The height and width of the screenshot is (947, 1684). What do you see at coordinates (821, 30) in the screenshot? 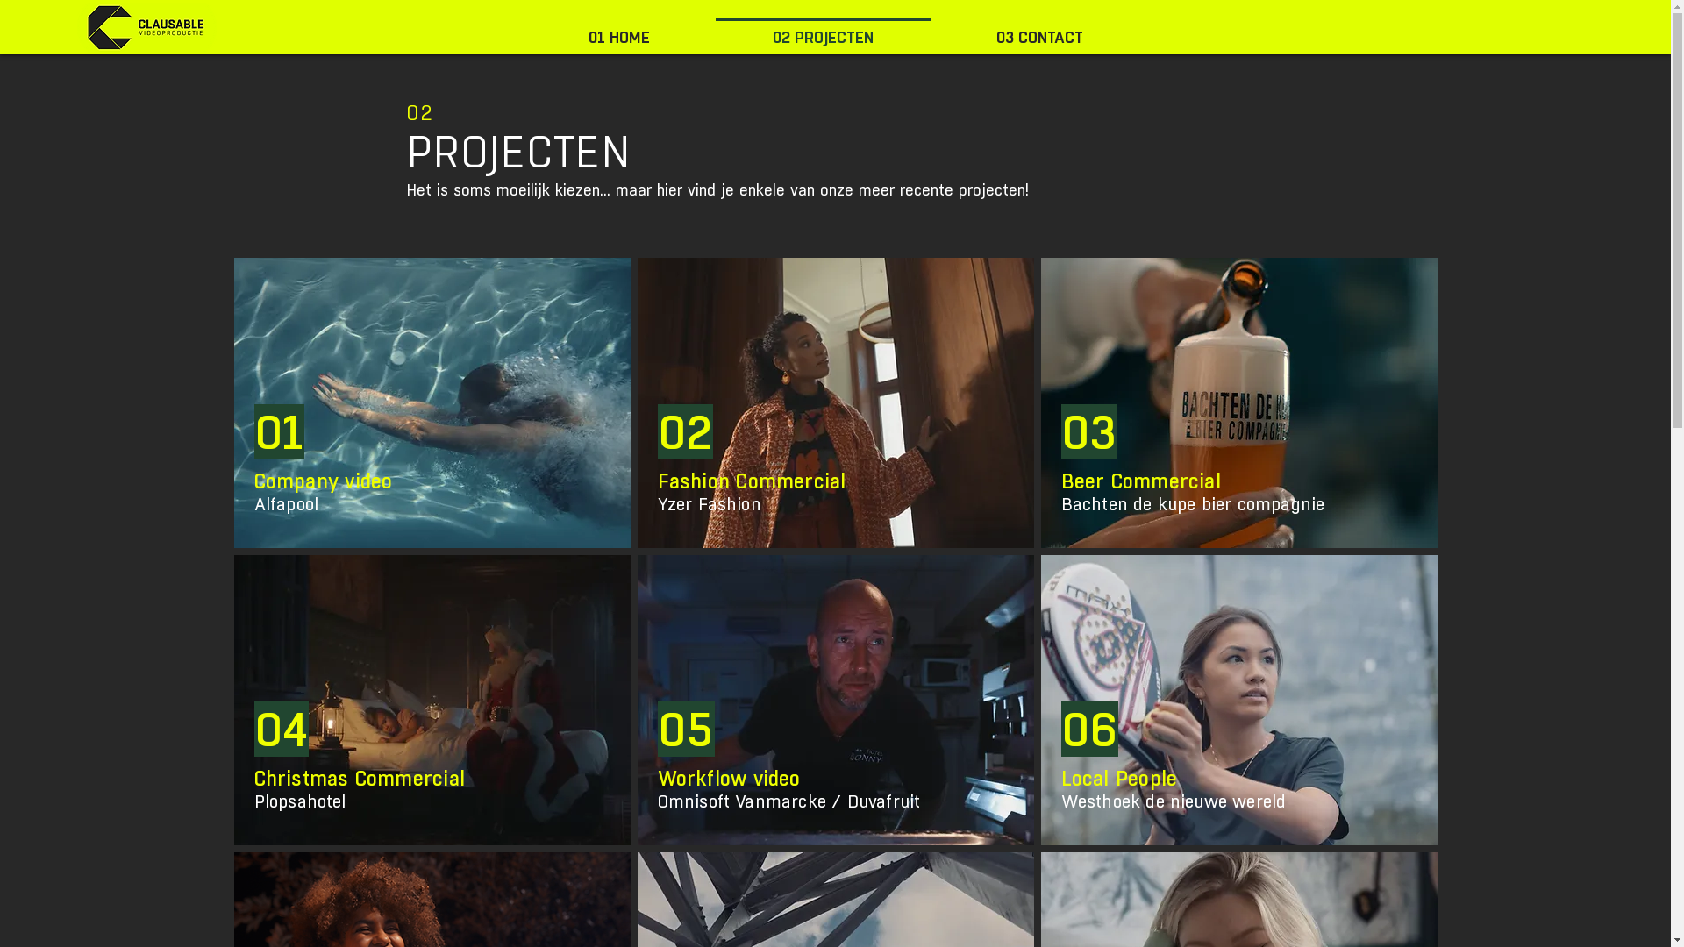
I see `'02 PROJECTEN'` at bounding box center [821, 30].